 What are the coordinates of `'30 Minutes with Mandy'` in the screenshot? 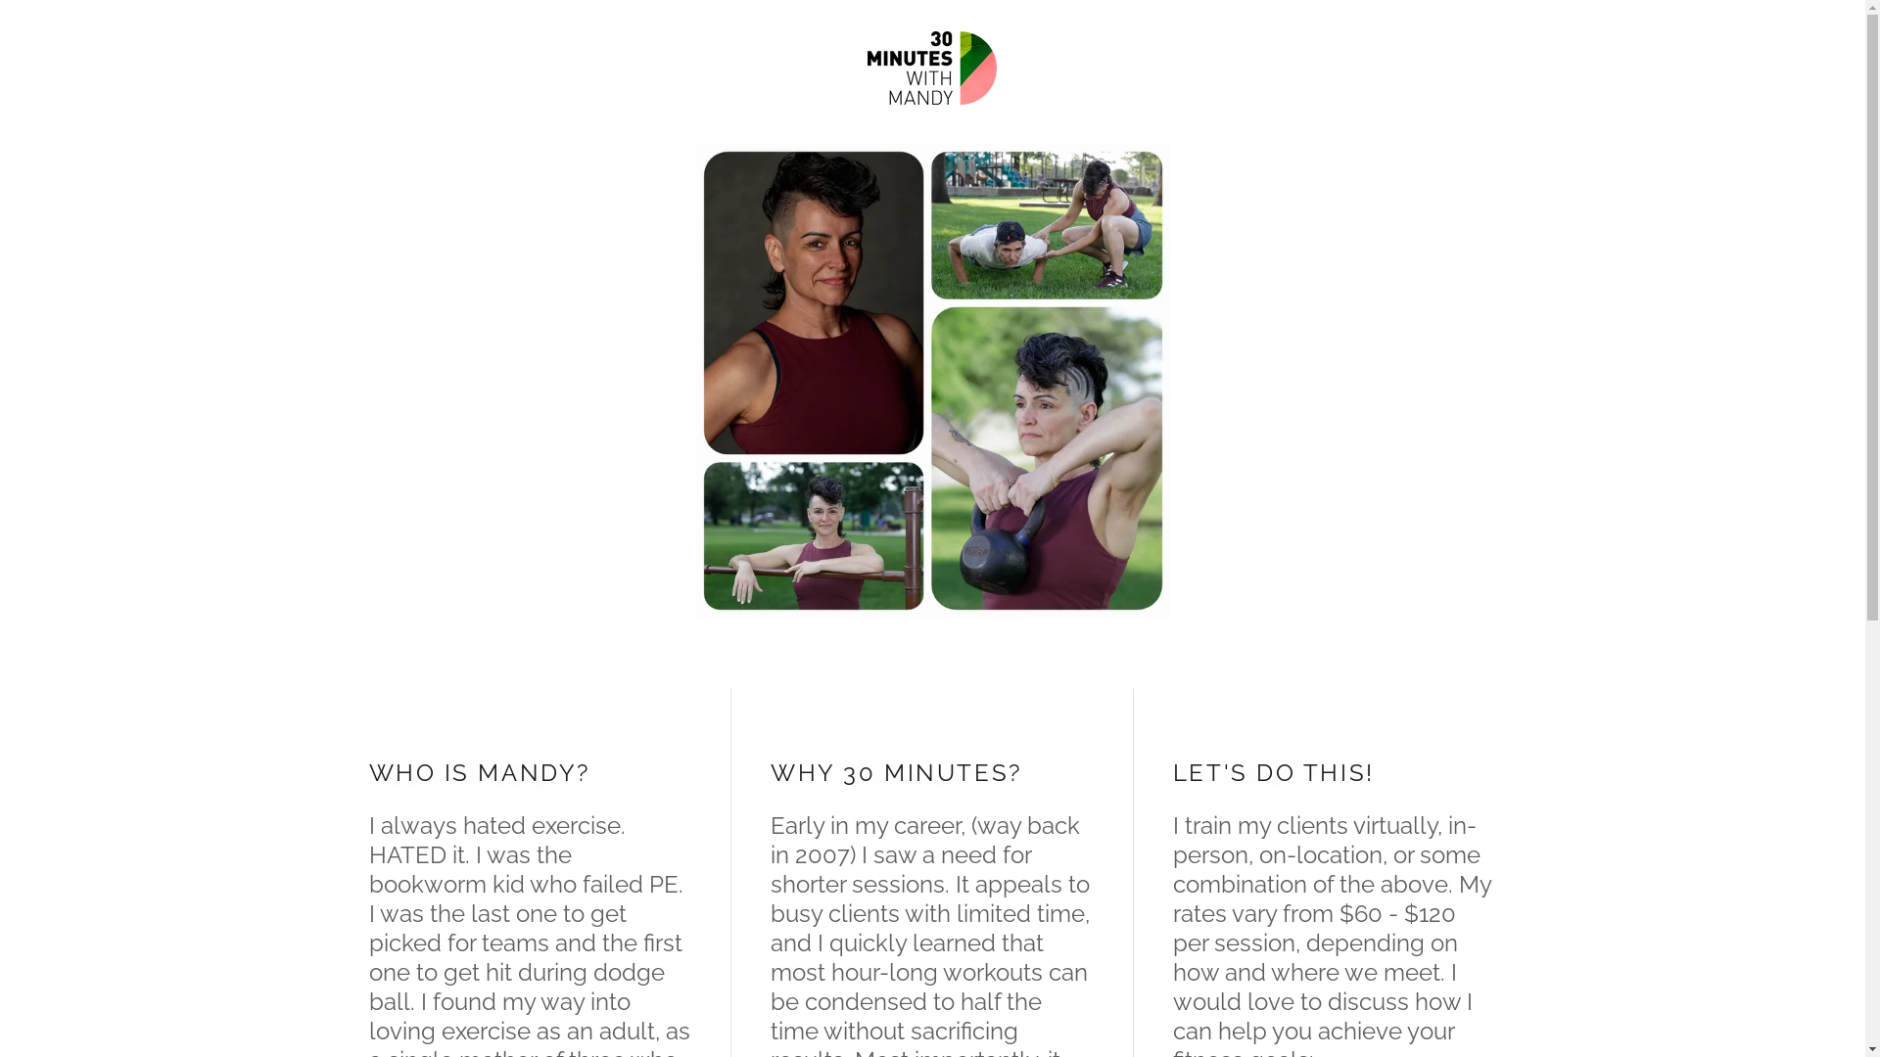 It's located at (930, 65).